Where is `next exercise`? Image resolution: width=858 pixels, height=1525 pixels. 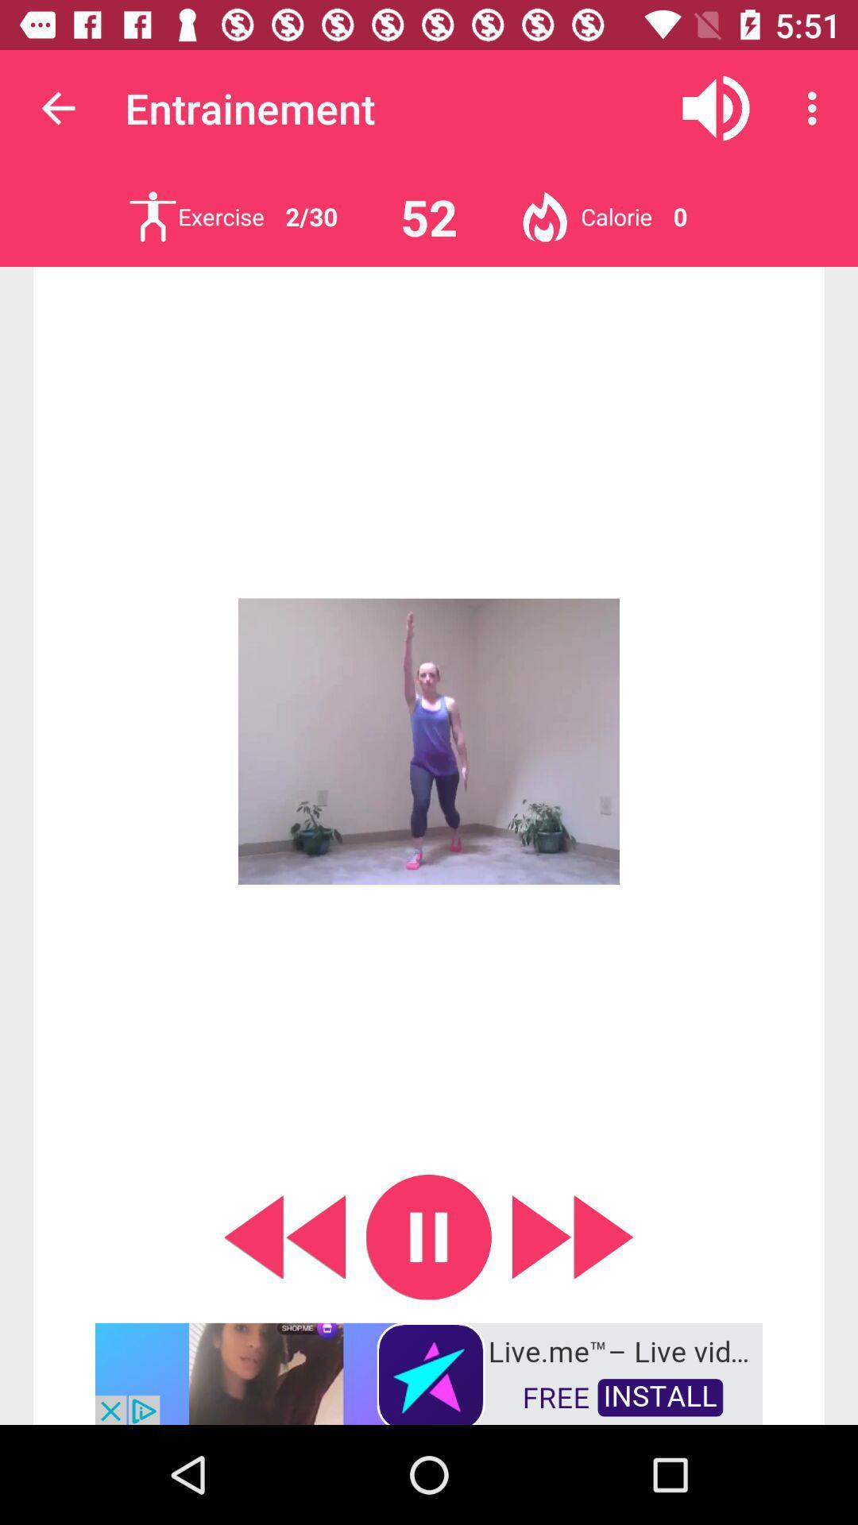
next exercise is located at coordinates (573, 1236).